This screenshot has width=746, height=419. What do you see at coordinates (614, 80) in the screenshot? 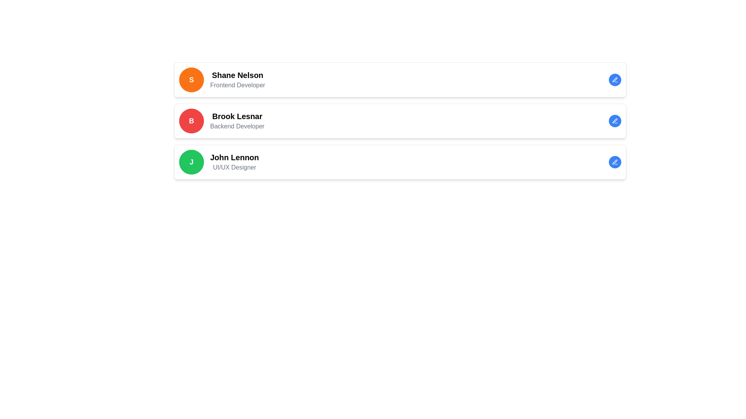
I see `the pen icon located in the far-right section of the user card labeled 'Shane Nelson' to initiate edit mode` at bounding box center [614, 80].